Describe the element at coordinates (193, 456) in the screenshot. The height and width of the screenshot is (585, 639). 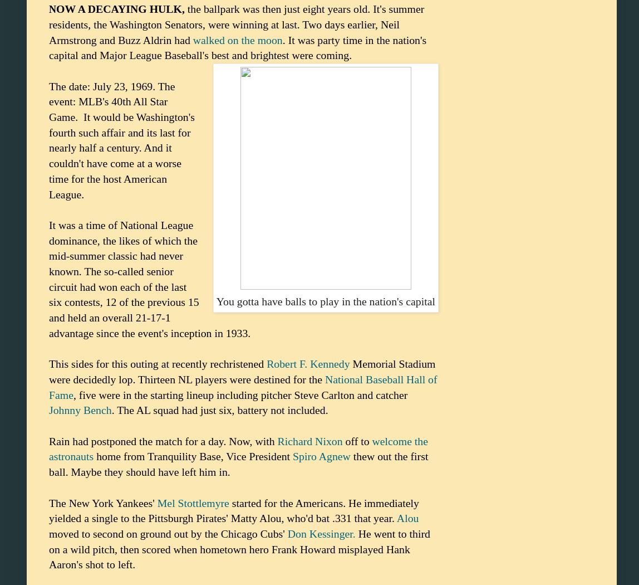
I see `'home from Tranquility Base, Vice President'` at that location.